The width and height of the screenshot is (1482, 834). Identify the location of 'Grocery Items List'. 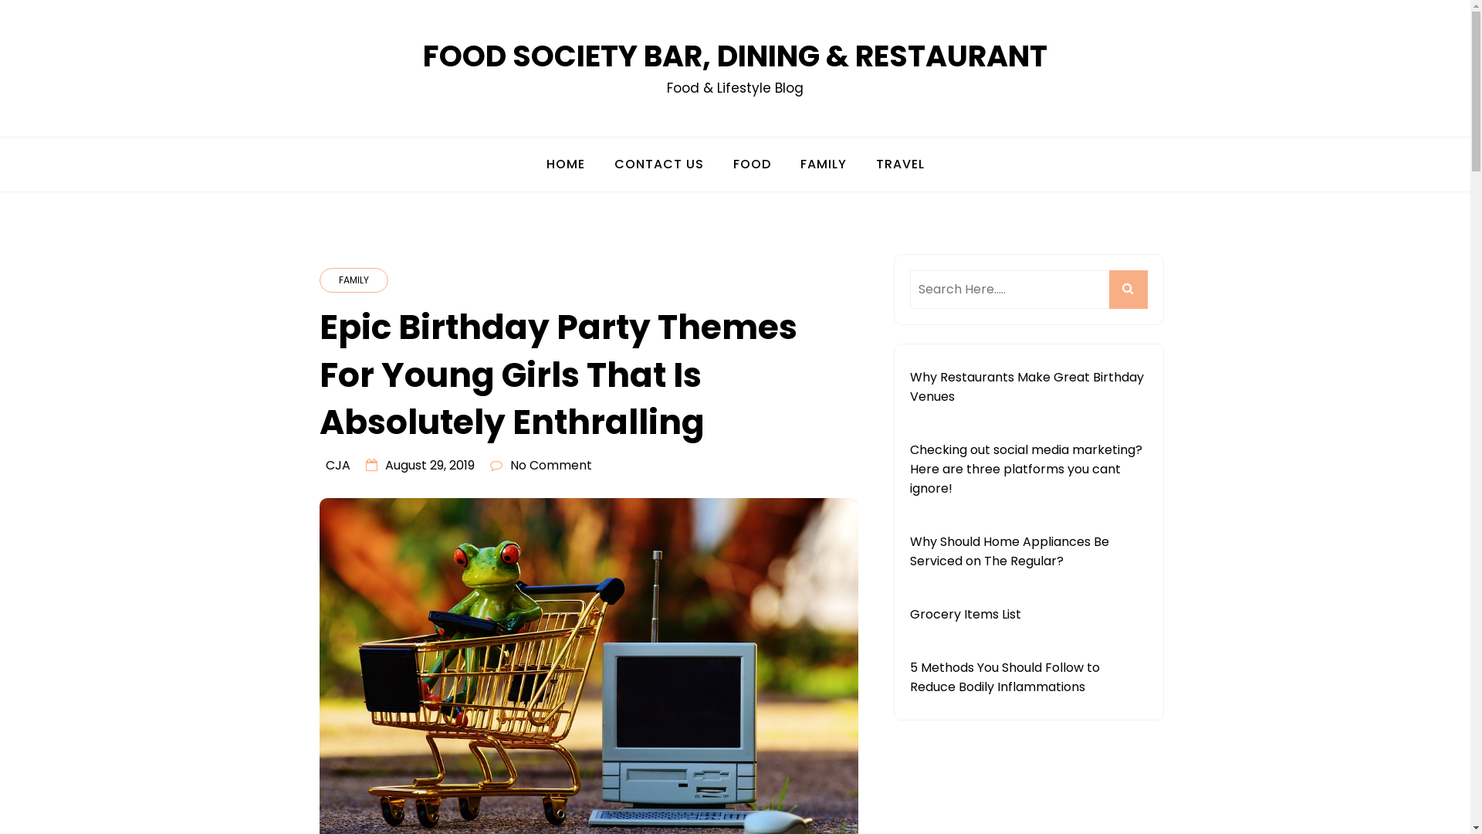
(963, 613).